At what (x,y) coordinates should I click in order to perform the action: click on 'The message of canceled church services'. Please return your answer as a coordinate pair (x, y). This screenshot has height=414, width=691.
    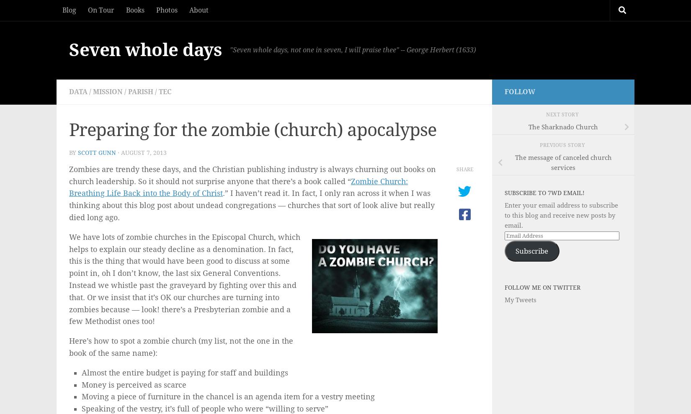
    Looking at the image, I should click on (514, 162).